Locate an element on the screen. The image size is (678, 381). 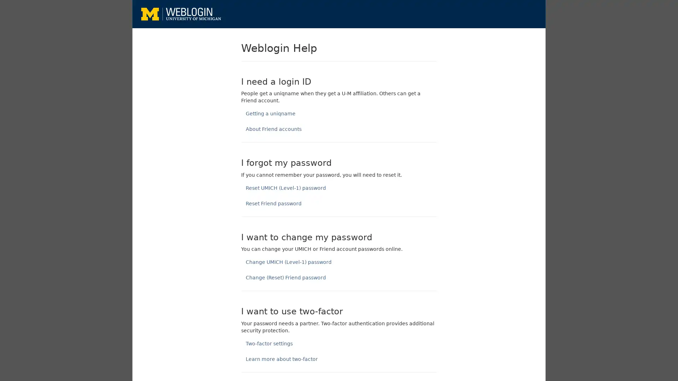
Change UMICH (Level-1) password is located at coordinates (288, 262).